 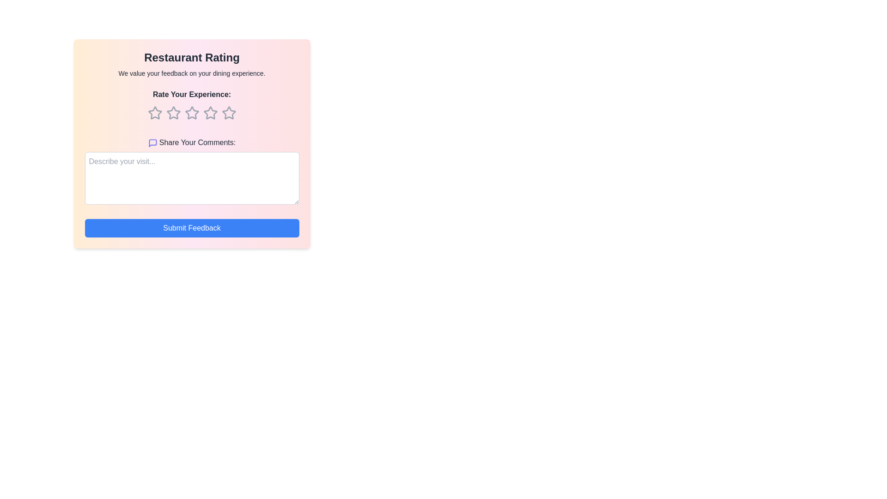 I want to click on the descriptive label for the rating interface, which is centrally aligned below the main heading 'Restaurant Rating', so click(x=191, y=107).